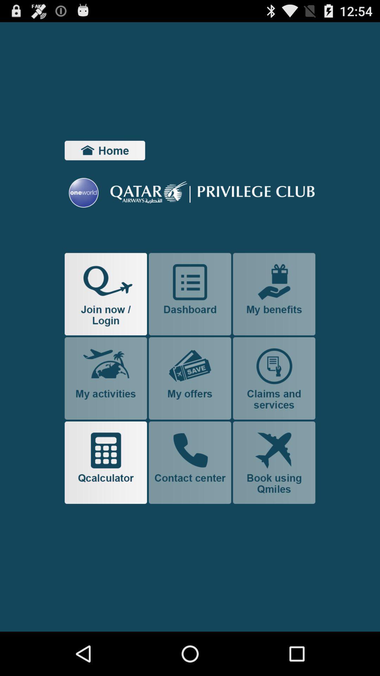  What do you see at coordinates (106, 378) in the screenshot?
I see `open activities` at bounding box center [106, 378].